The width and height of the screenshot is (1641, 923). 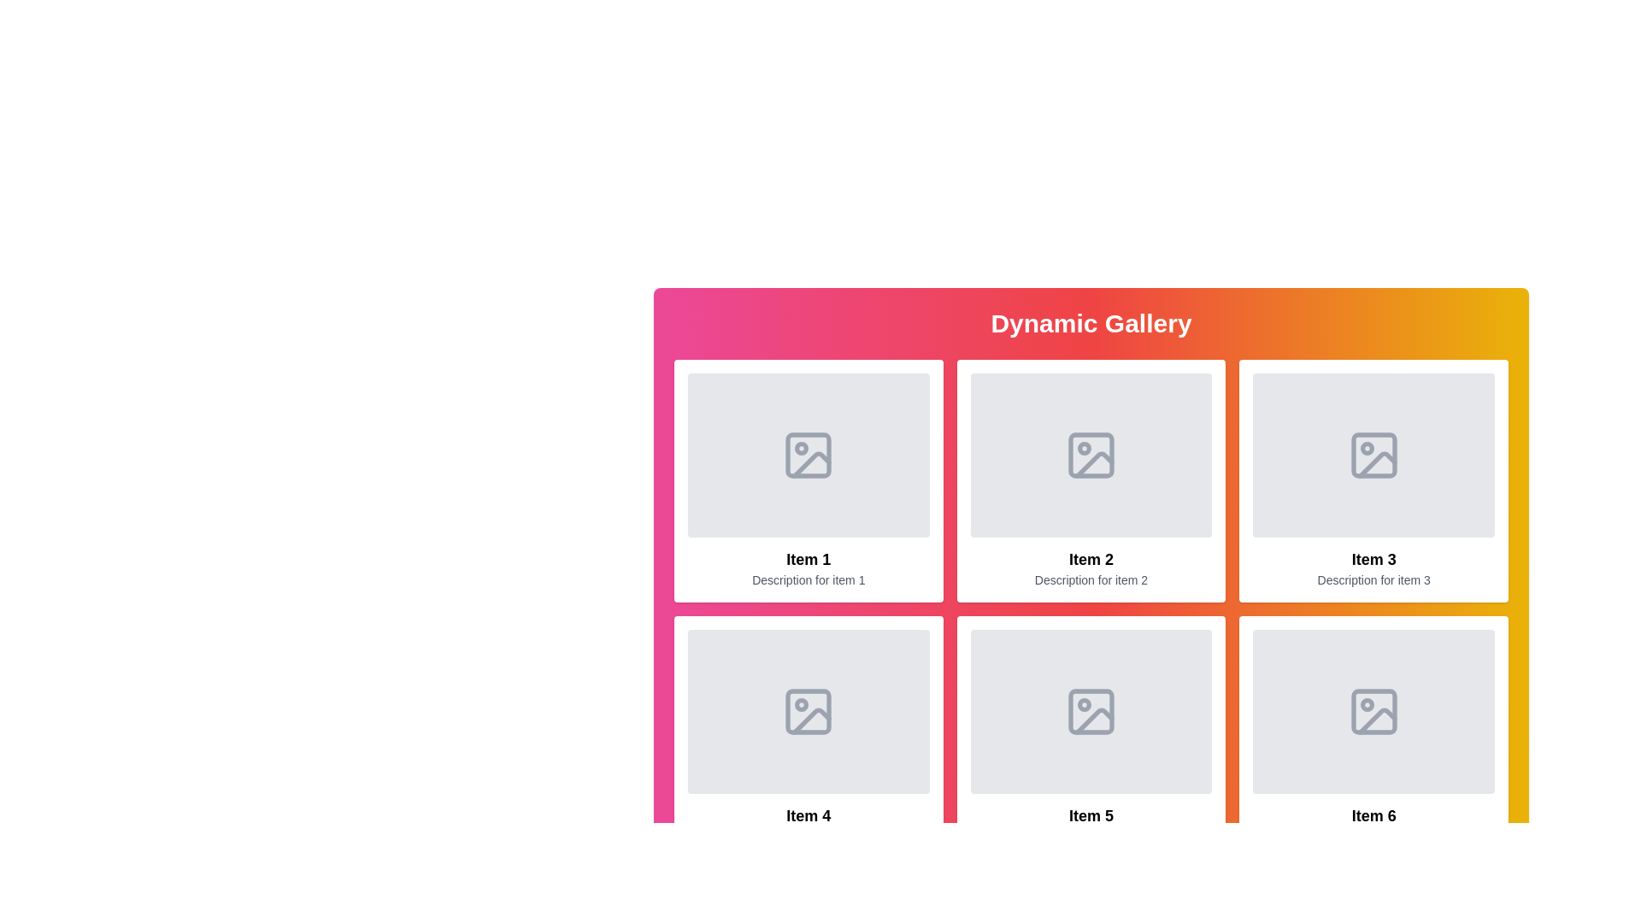 I want to click on text label displaying 'Item 3', which is bold and prominently styled, located in the third card of the first row under the header 'Dynamic Gallery', so click(x=1373, y=560).